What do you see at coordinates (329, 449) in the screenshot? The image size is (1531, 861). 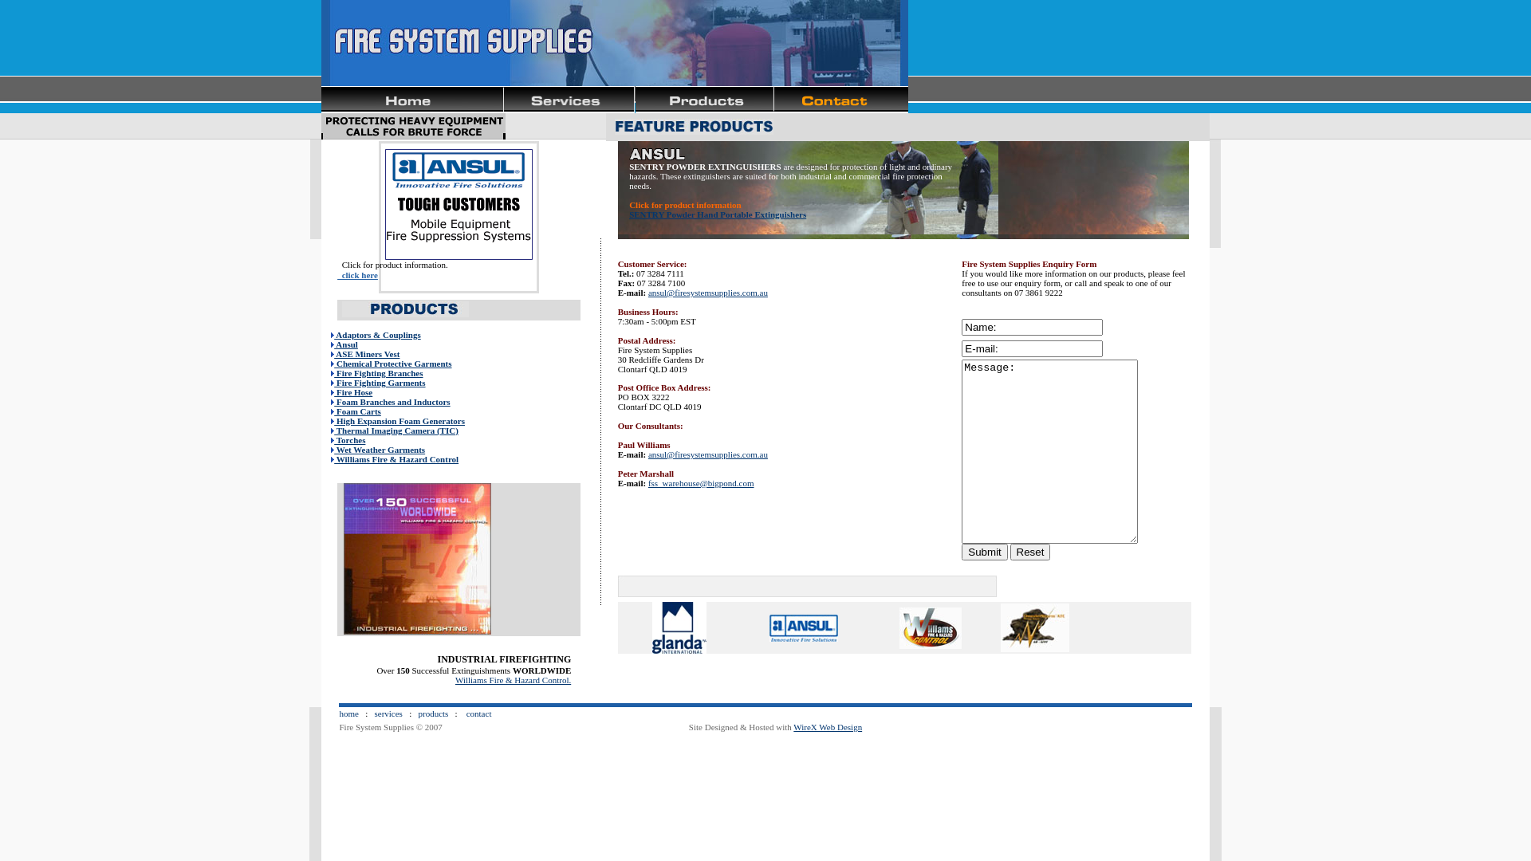 I see `' Wet Weather Garments'` at bounding box center [329, 449].